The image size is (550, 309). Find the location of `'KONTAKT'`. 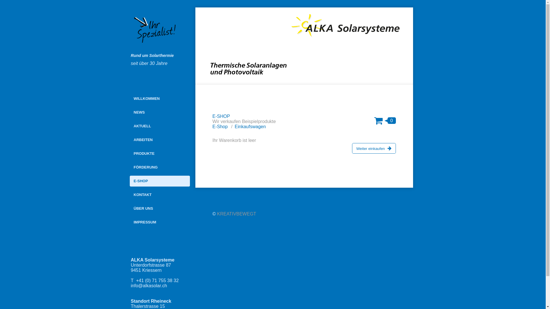

'KONTAKT' is located at coordinates (129, 195).